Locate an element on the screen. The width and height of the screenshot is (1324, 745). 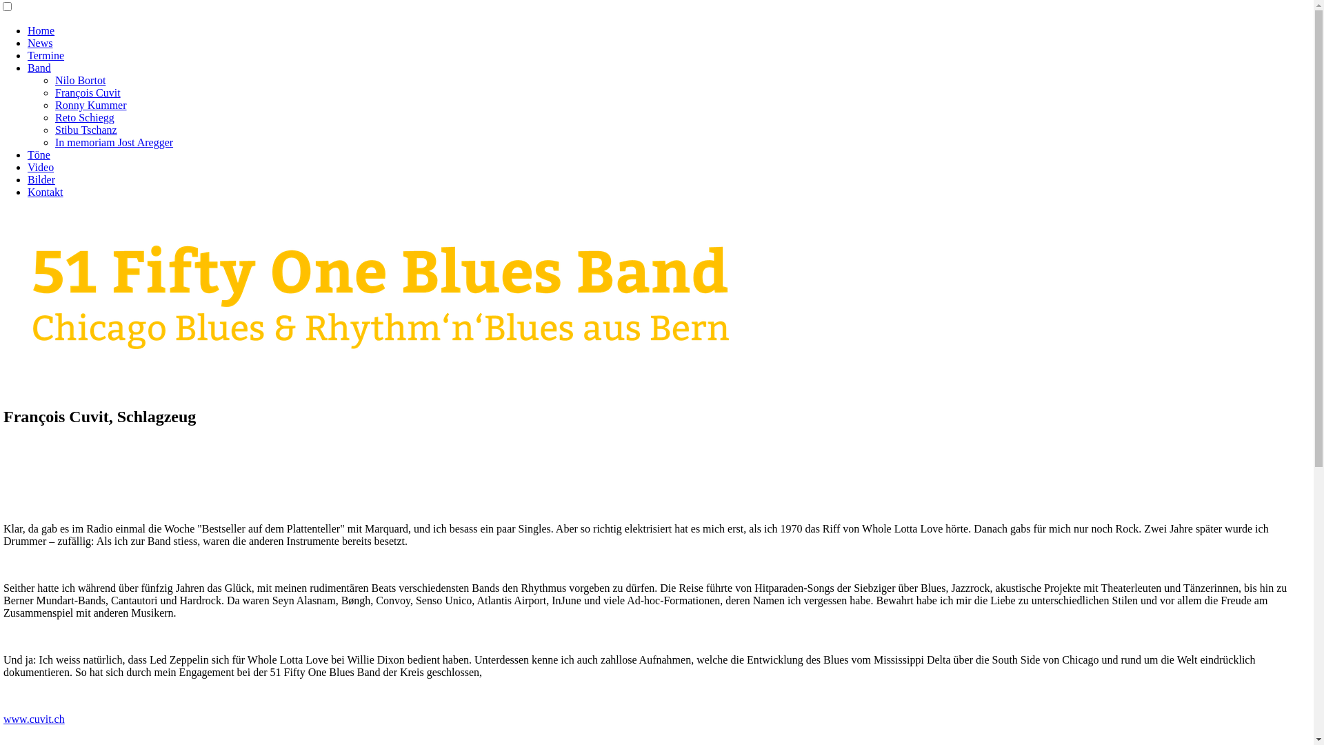
'Kontakt' is located at coordinates (46, 192).